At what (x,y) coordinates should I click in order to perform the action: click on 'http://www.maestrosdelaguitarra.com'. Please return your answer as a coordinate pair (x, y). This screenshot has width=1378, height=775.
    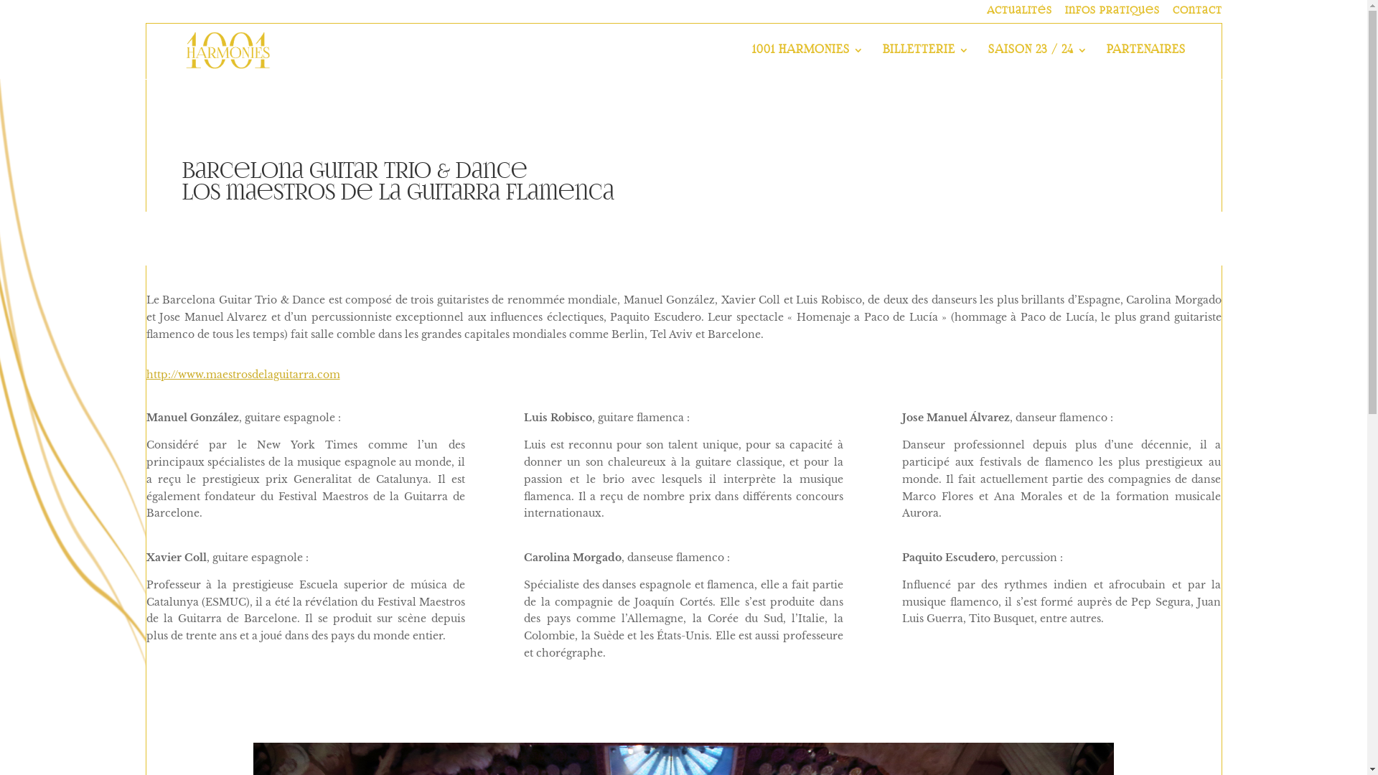
    Looking at the image, I should click on (243, 373).